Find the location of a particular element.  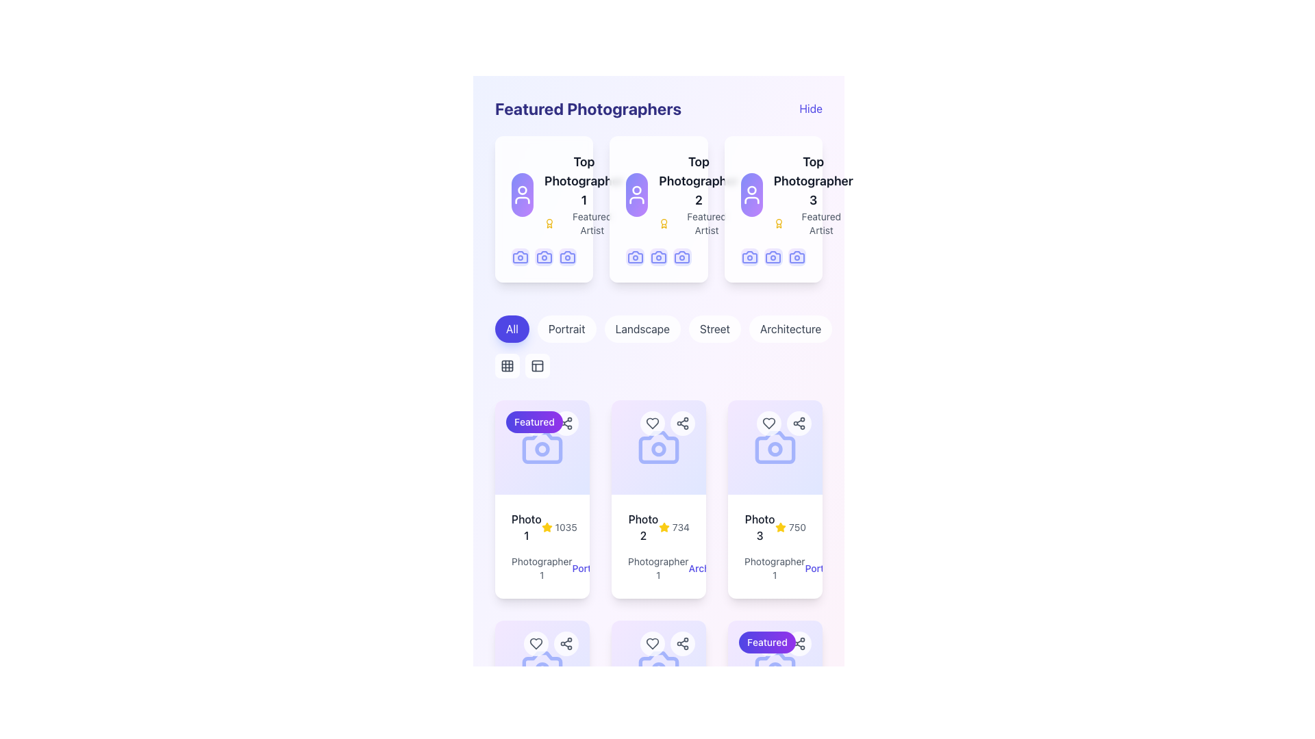

the rectangular grid layout containing three camera icons, styled with a gradient background, located within the 'Top Photographer 1' card below the 'Featured Artist' text is located at coordinates (543, 257).